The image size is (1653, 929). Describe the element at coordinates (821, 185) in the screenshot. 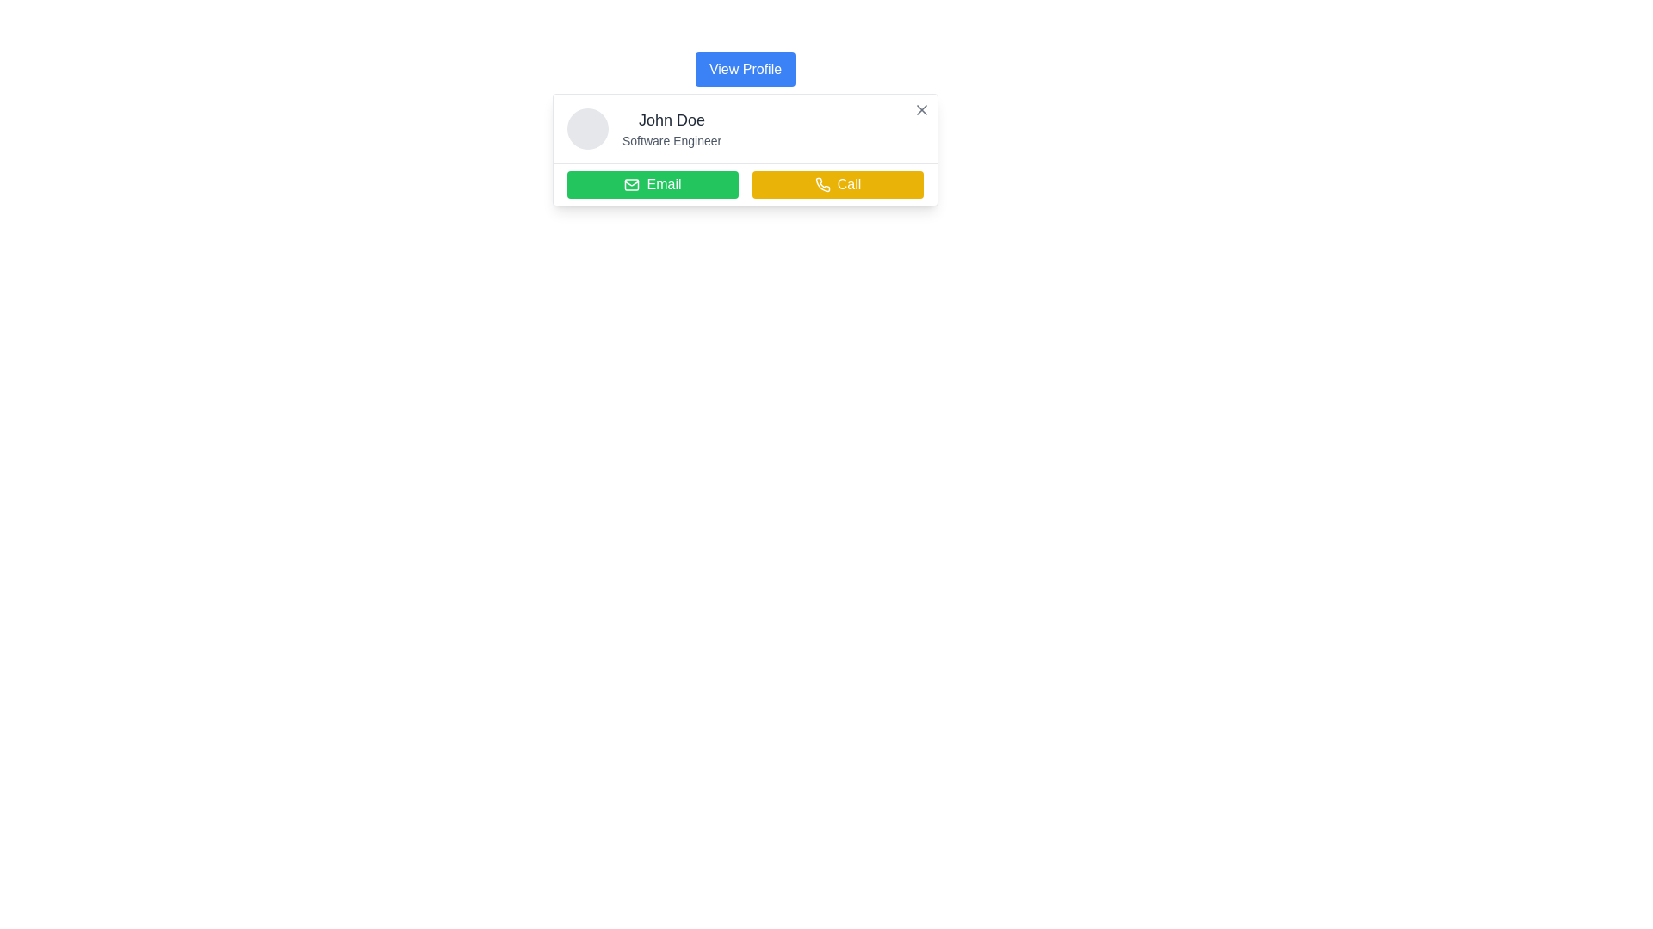

I see `the telephone icon within the 'Call' button, which has a yellow background and white outline, indicating its functionality to initiate a call` at that location.